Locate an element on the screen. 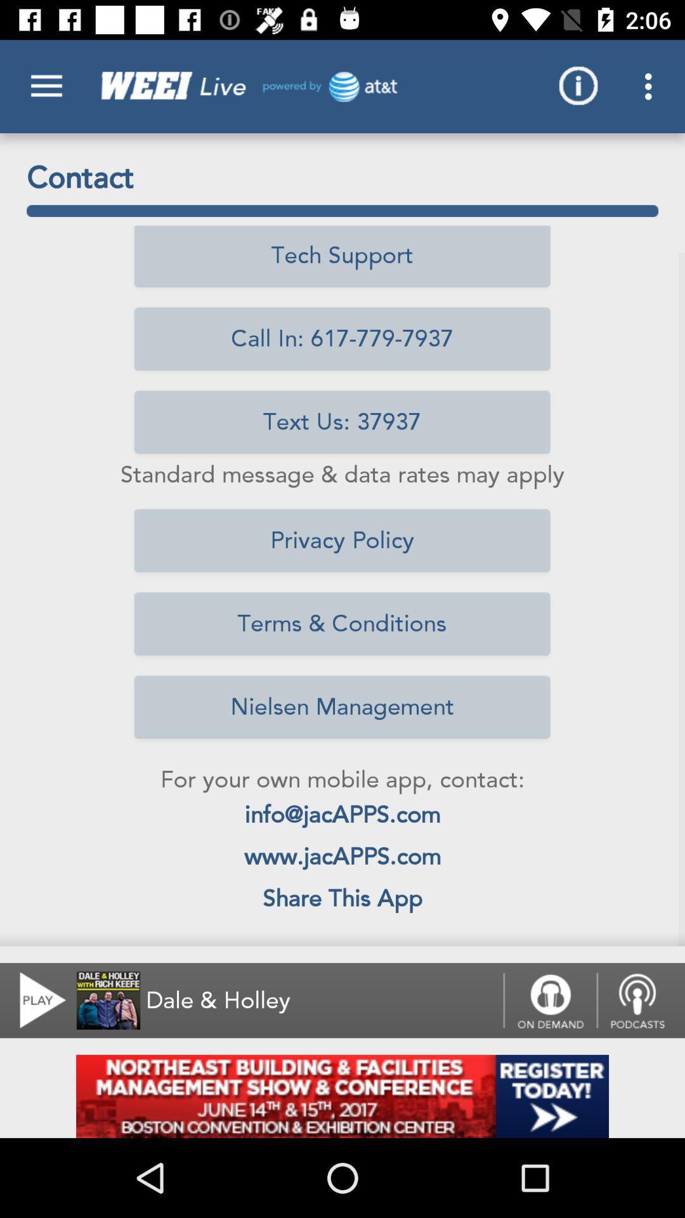 This screenshot has height=1218, width=685. the location icon is located at coordinates (641, 1000).